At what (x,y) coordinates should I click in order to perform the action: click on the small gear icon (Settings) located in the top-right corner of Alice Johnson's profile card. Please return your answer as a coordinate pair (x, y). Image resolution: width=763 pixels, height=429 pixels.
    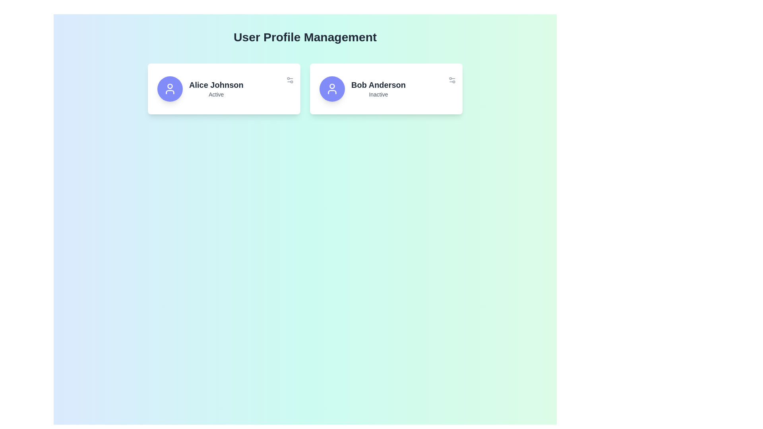
    Looking at the image, I should click on (289, 80).